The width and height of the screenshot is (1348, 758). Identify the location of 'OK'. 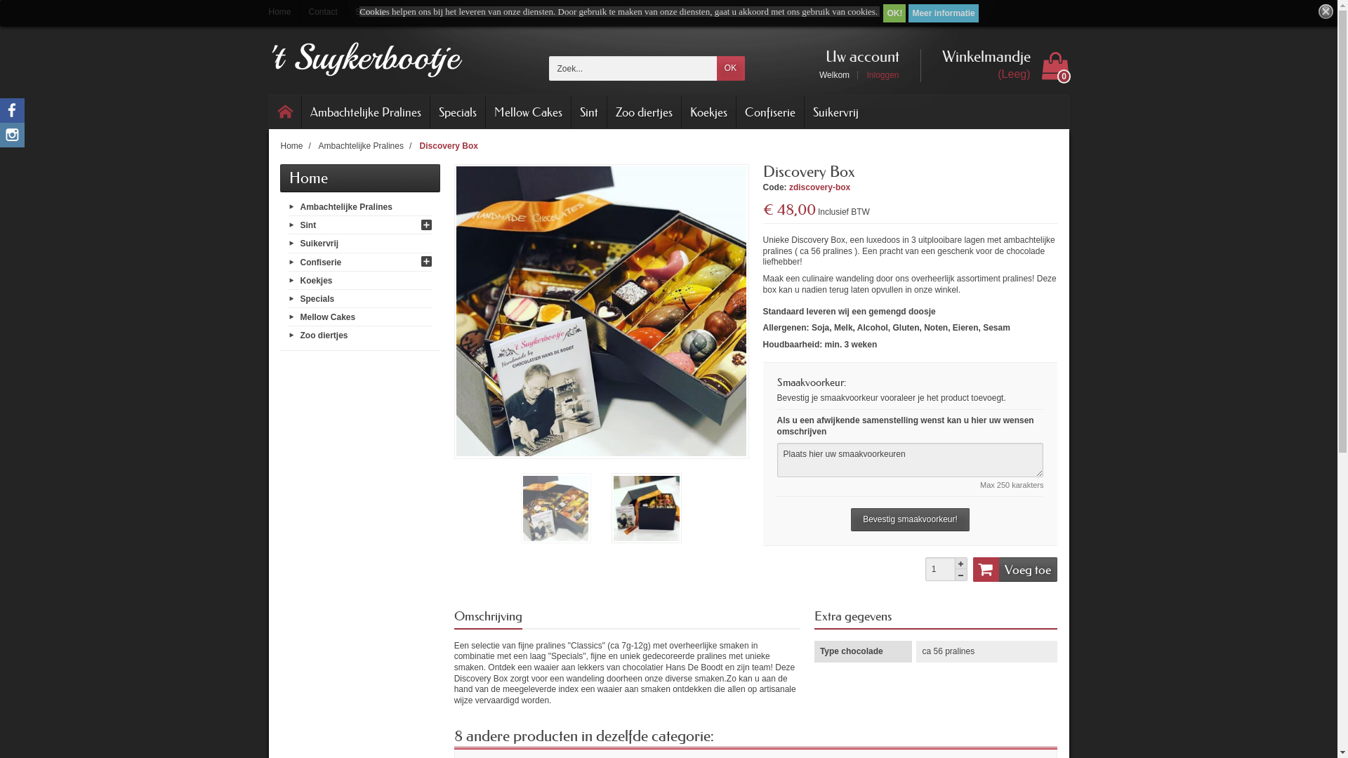
(730, 68).